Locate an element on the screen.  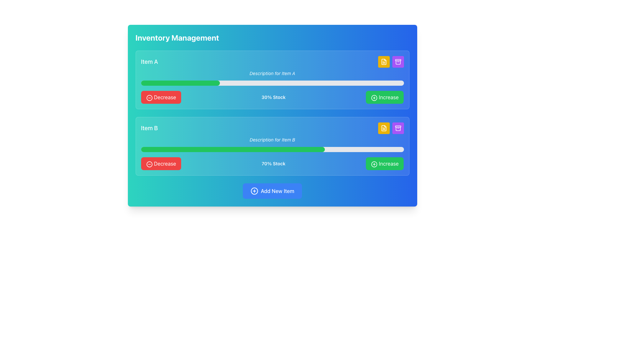
the SVG-based archive icon located in the top-right part of the 'Item A' section is located at coordinates (398, 62).